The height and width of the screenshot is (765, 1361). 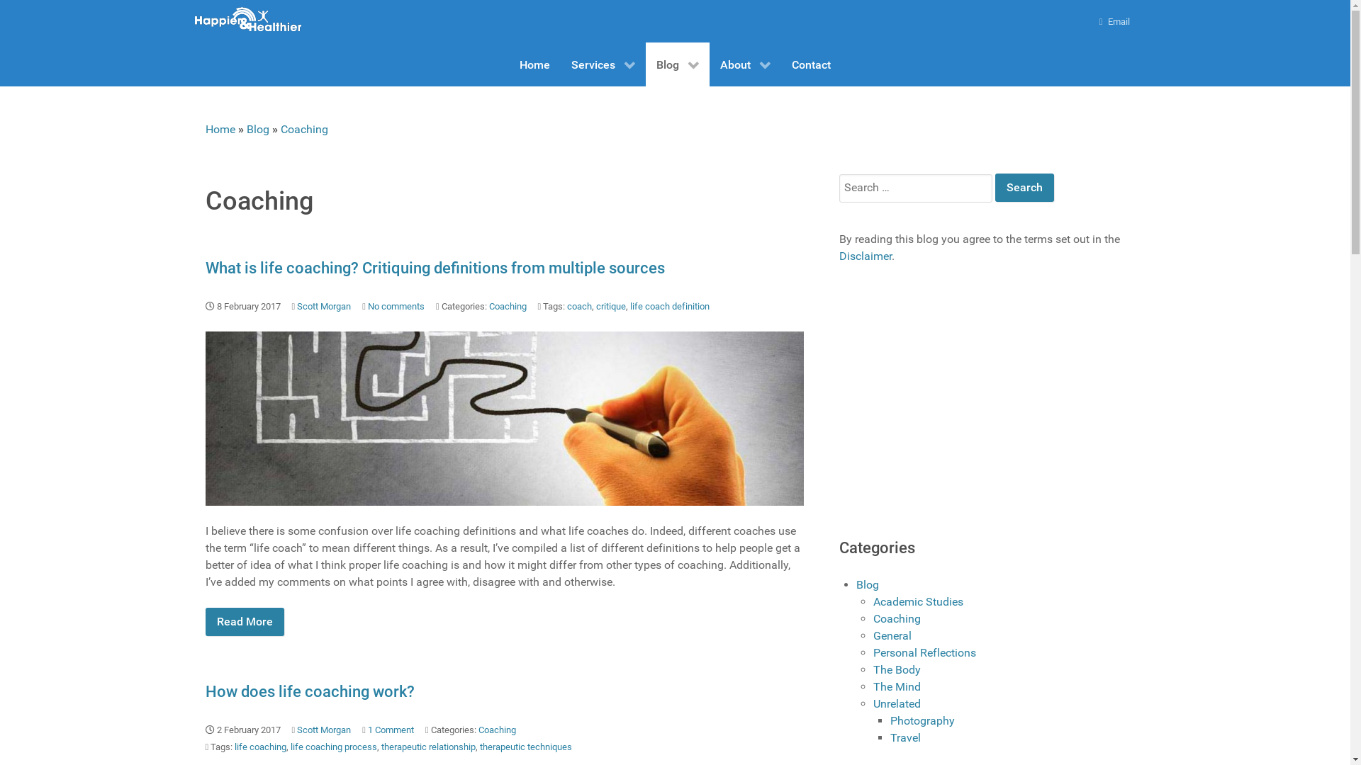 What do you see at coordinates (323, 730) in the screenshot?
I see `'Scott Morgan'` at bounding box center [323, 730].